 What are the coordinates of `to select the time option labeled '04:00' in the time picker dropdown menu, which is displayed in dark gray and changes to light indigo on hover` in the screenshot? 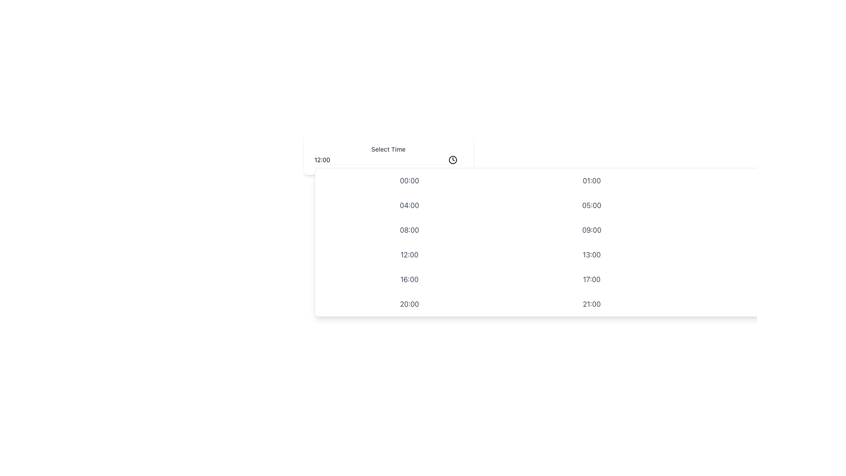 It's located at (409, 205).